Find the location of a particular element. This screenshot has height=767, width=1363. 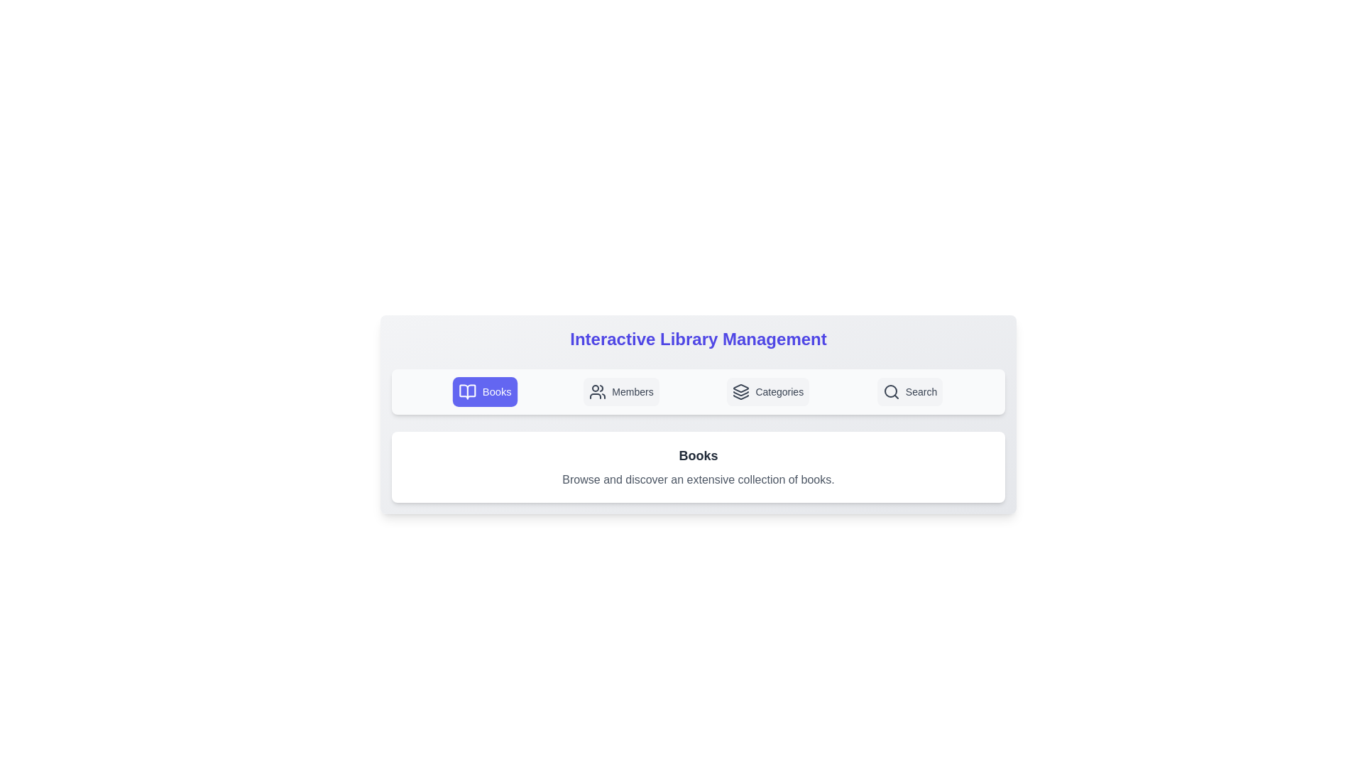

the search icon located at the top-right of the button group in the navigation bar, before the 'Search' text label is located at coordinates (890, 391).